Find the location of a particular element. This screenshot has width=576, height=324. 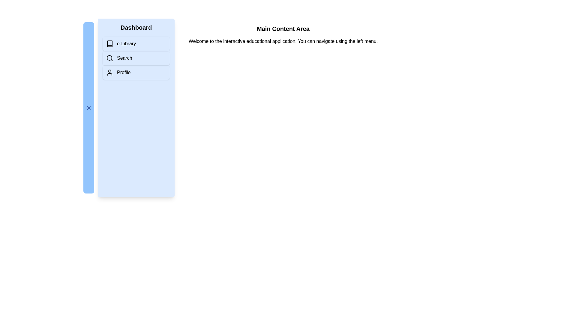

the interactive button located to the left of the main dashboard area, which serves is located at coordinates (88, 107).